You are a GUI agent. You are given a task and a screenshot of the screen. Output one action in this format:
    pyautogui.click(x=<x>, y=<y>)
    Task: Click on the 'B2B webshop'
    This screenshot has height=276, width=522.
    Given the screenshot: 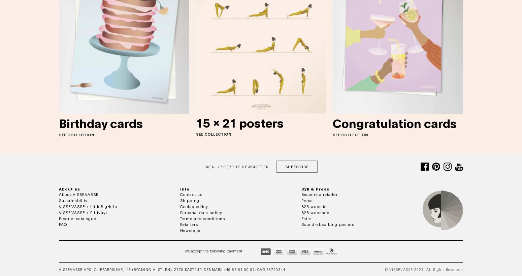 What is the action you would take?
    pyautogui.click(x=301, y=212)
    